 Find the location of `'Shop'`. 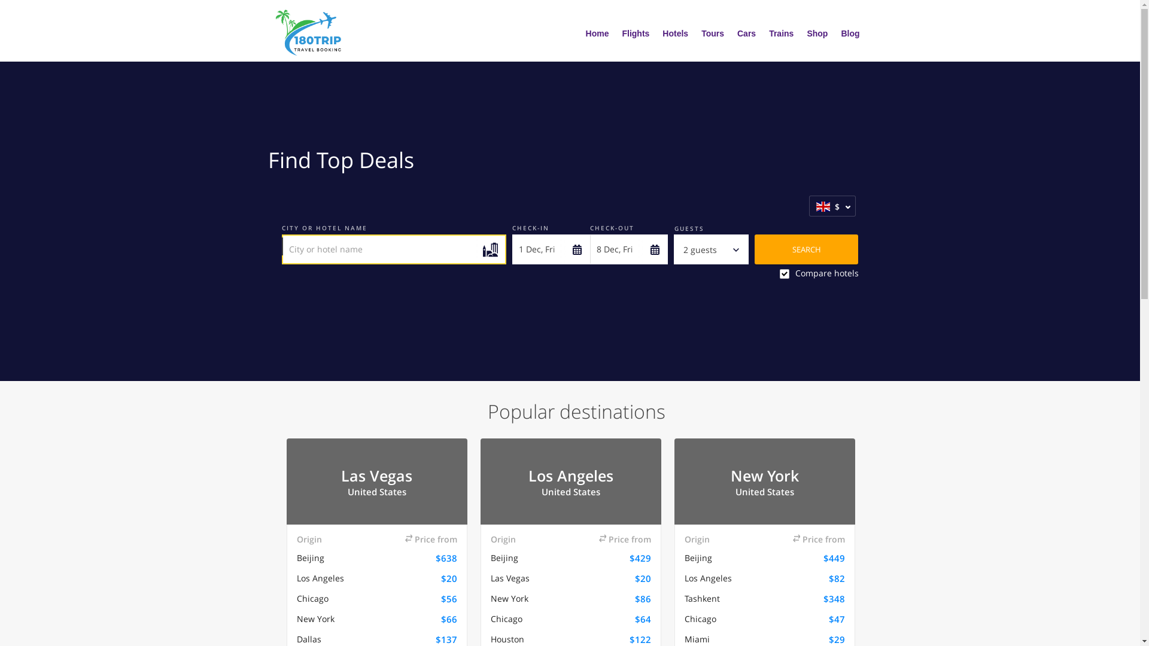

'Shop' is located at coordinates (816, 33).